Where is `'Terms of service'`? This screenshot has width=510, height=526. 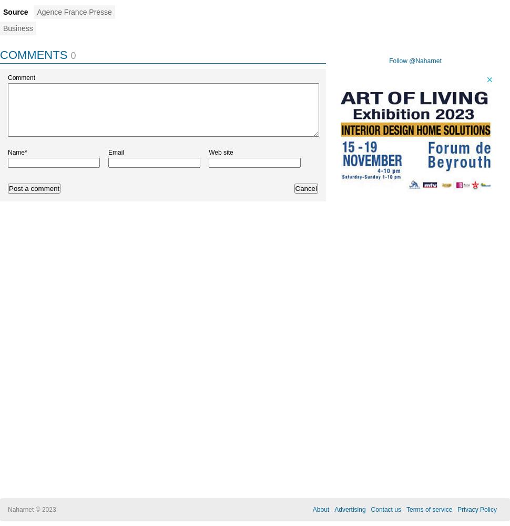
'Terms of service' is located at coordinates (429, 509).